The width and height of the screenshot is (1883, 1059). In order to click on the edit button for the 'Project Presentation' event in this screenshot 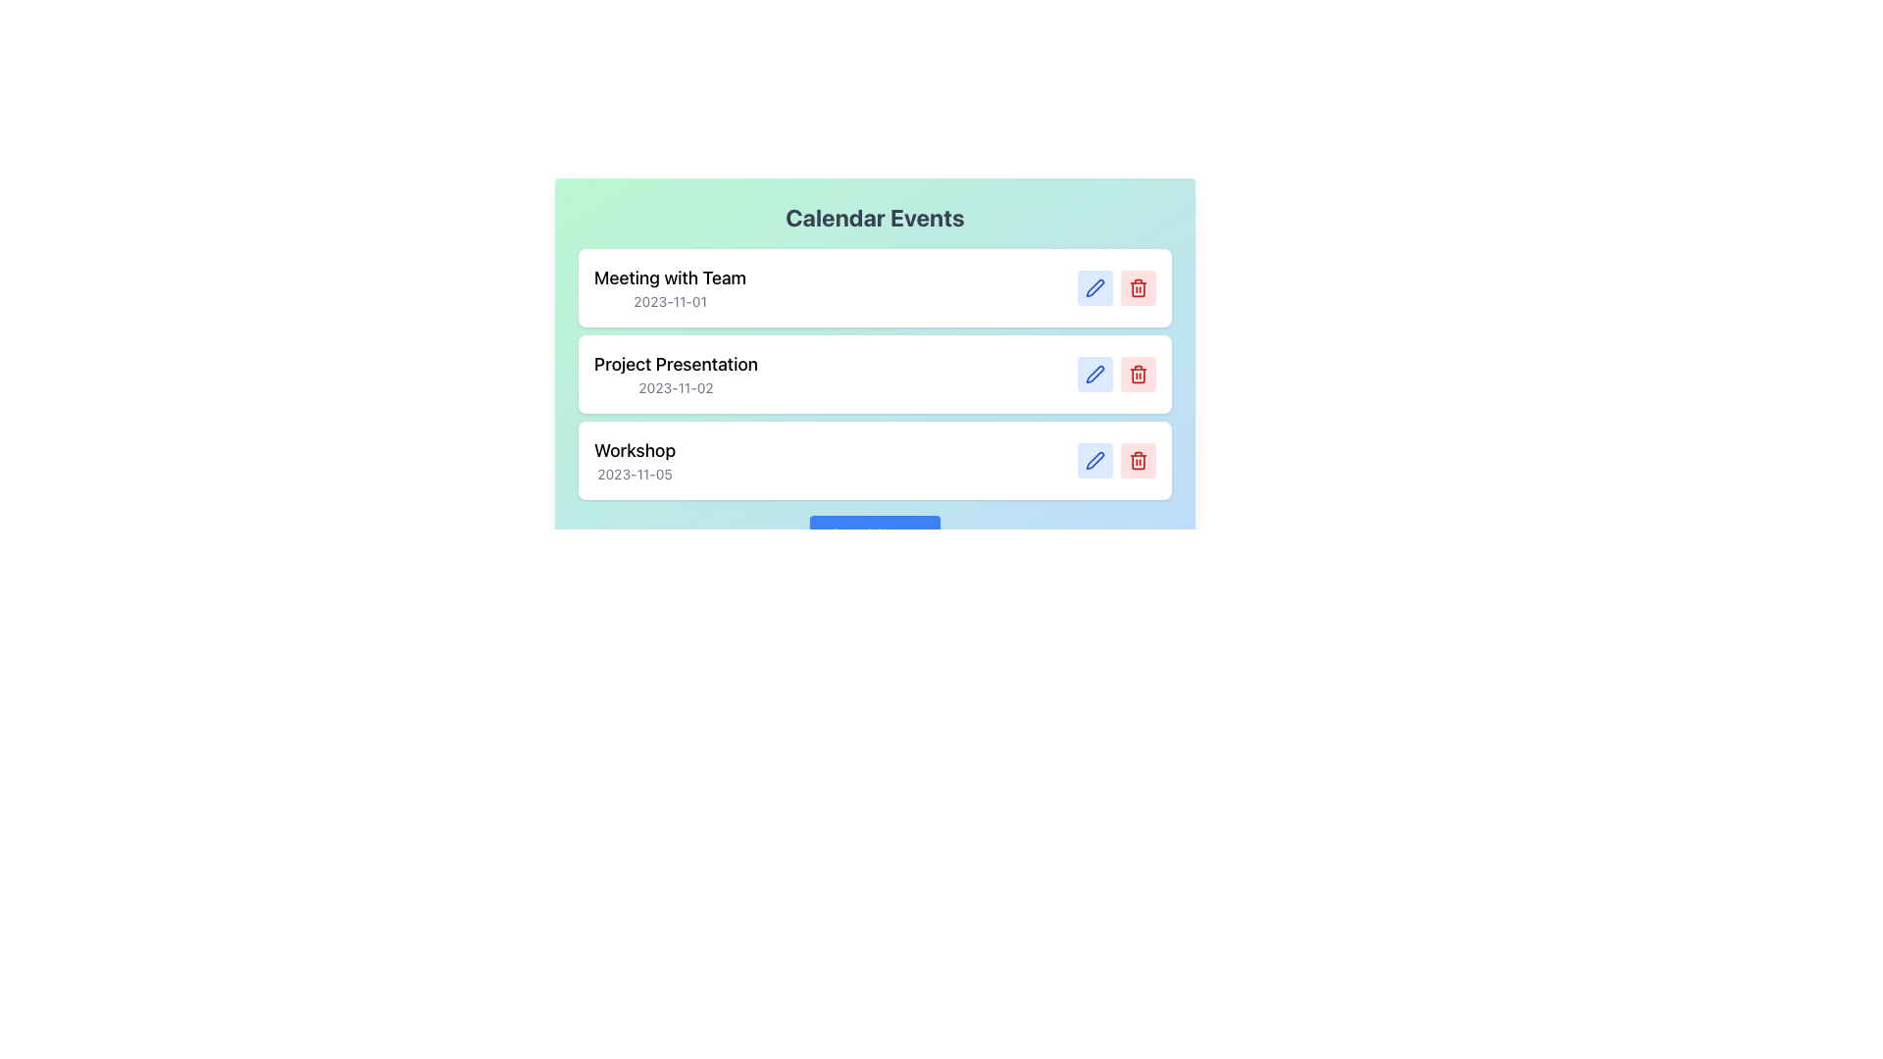, I will do `click(1094, 374)`.